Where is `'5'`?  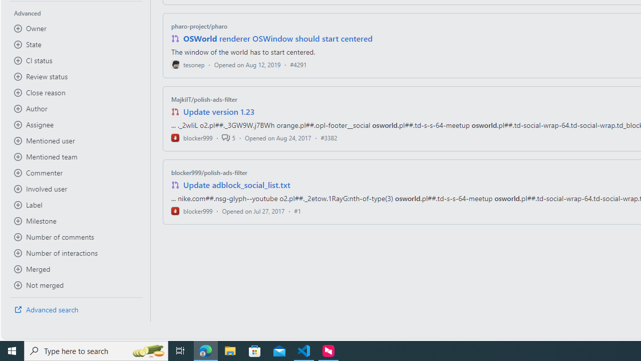
'5' is located at coordinates (228, 137).